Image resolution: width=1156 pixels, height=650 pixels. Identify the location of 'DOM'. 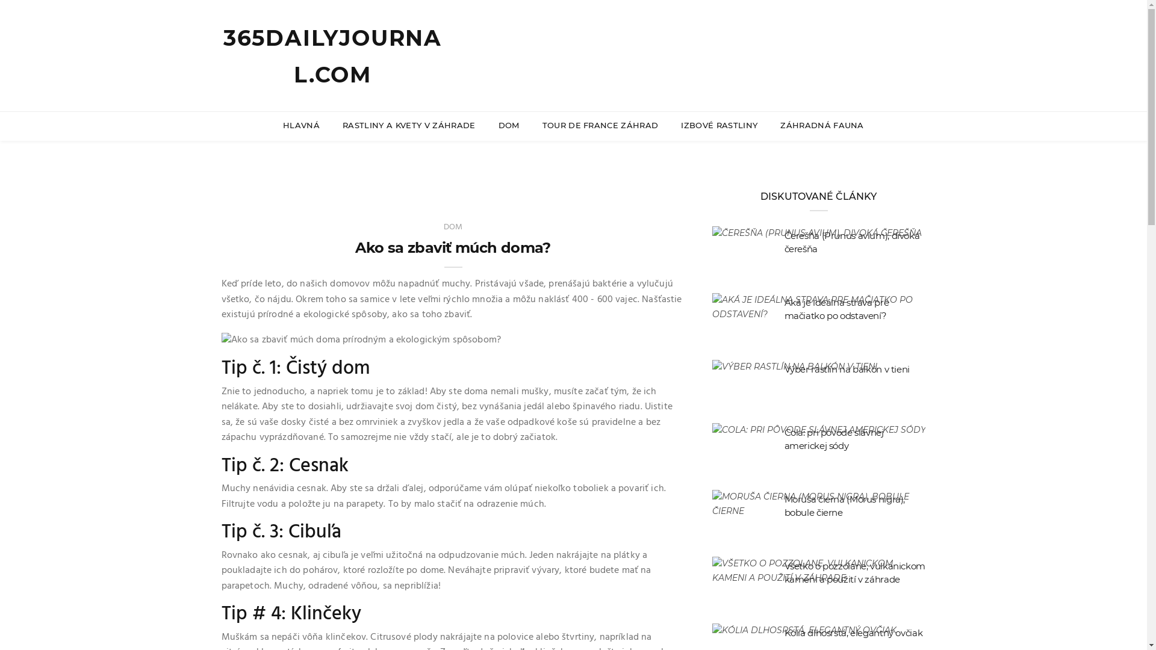
(453, 227).